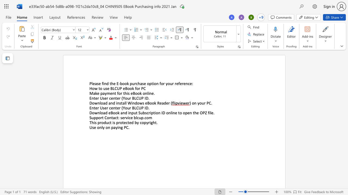 Image resolution: width=348 pixels, height=195 pixels. What do you see at coordinates (138, 88) in the screenshot?
I see `the space between the continuous character "o" and "r" in the text` at bounding box center [138, 88].